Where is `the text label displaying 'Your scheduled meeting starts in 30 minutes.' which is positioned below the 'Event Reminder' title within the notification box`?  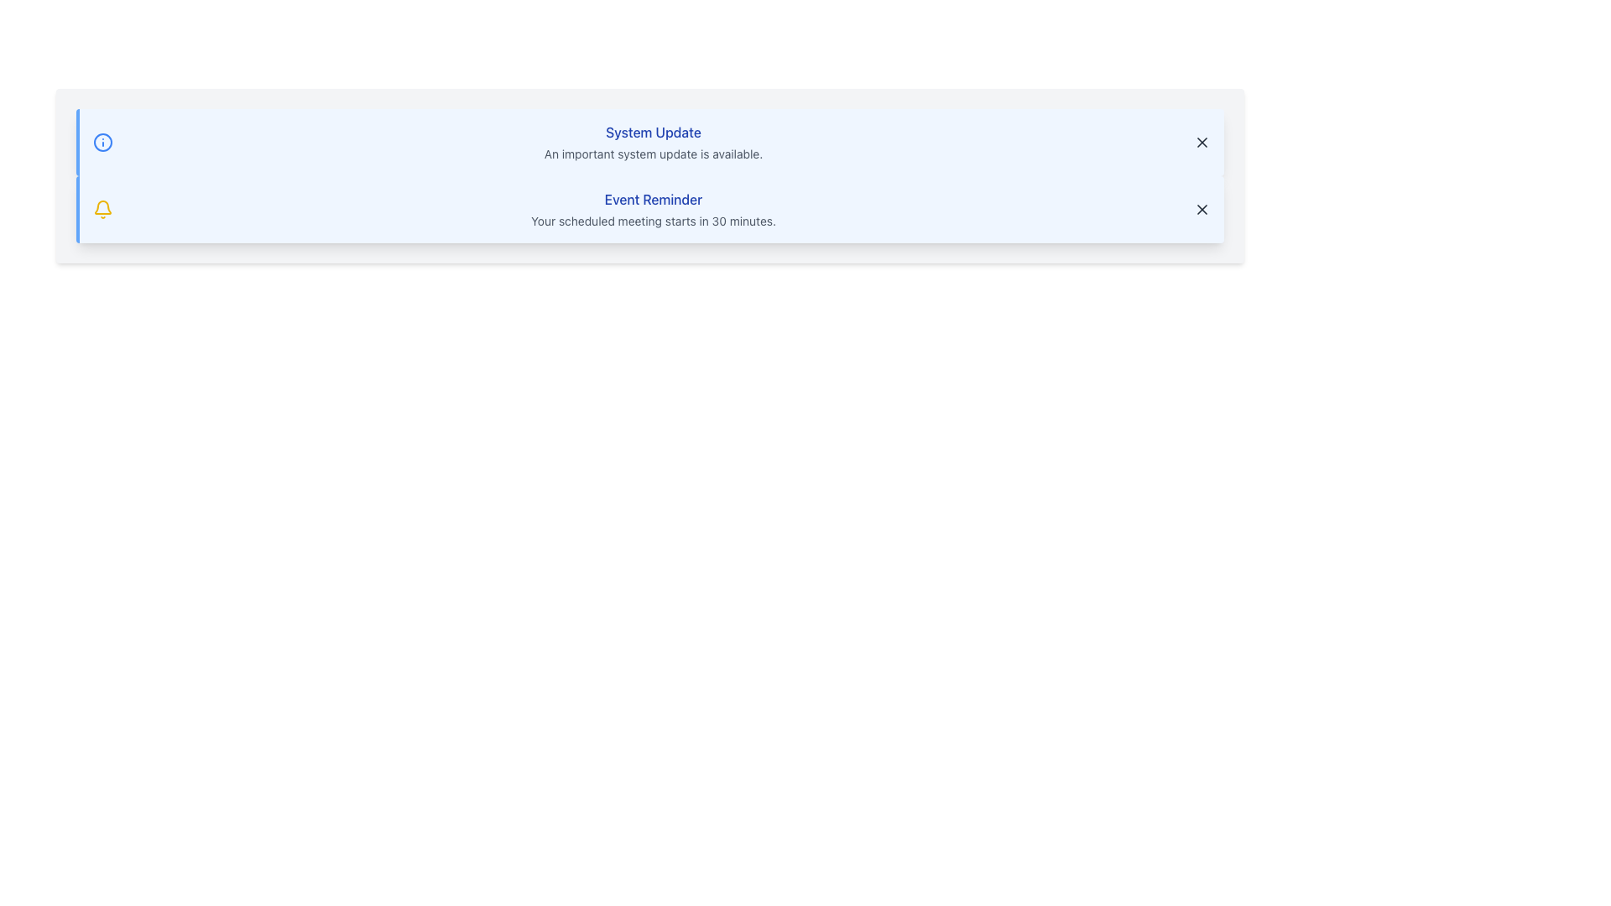
the text label displaying 'Your scheduled meeting starts in 30 minutes.' which is positioned below the 'Event Reminder' title within the notification box is located at coordinates (652, 220).